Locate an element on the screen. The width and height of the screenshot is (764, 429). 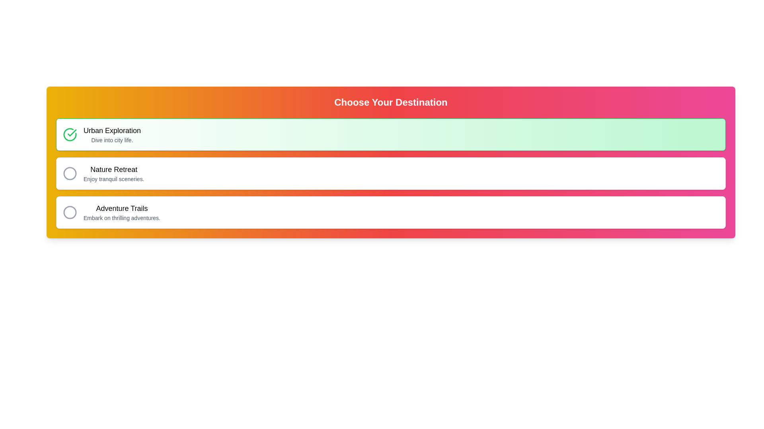
the static text label displaying 'Urban Exploration' which is prominently featured in a light green background at the top of the first option card is located at coordinates (112, 130).